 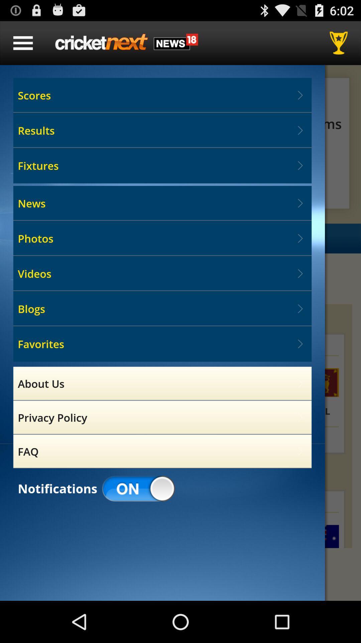 What do you see at coordinates (23, 46) in the screenshot?
I see `the menu icon` at bounding box center [23, 46].